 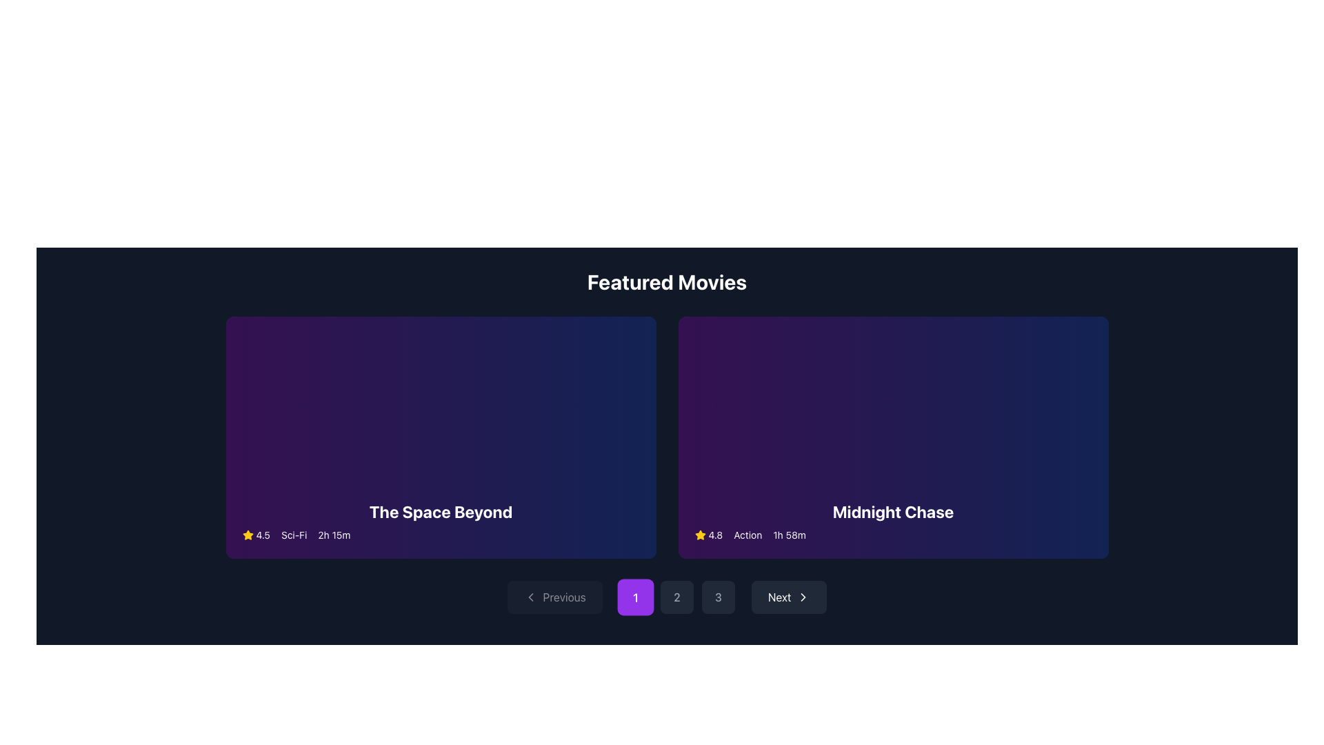 I want to click on the first navigation button located in the horizontal navigation bar at the bottom of the interface, so click(x=554, y=597).